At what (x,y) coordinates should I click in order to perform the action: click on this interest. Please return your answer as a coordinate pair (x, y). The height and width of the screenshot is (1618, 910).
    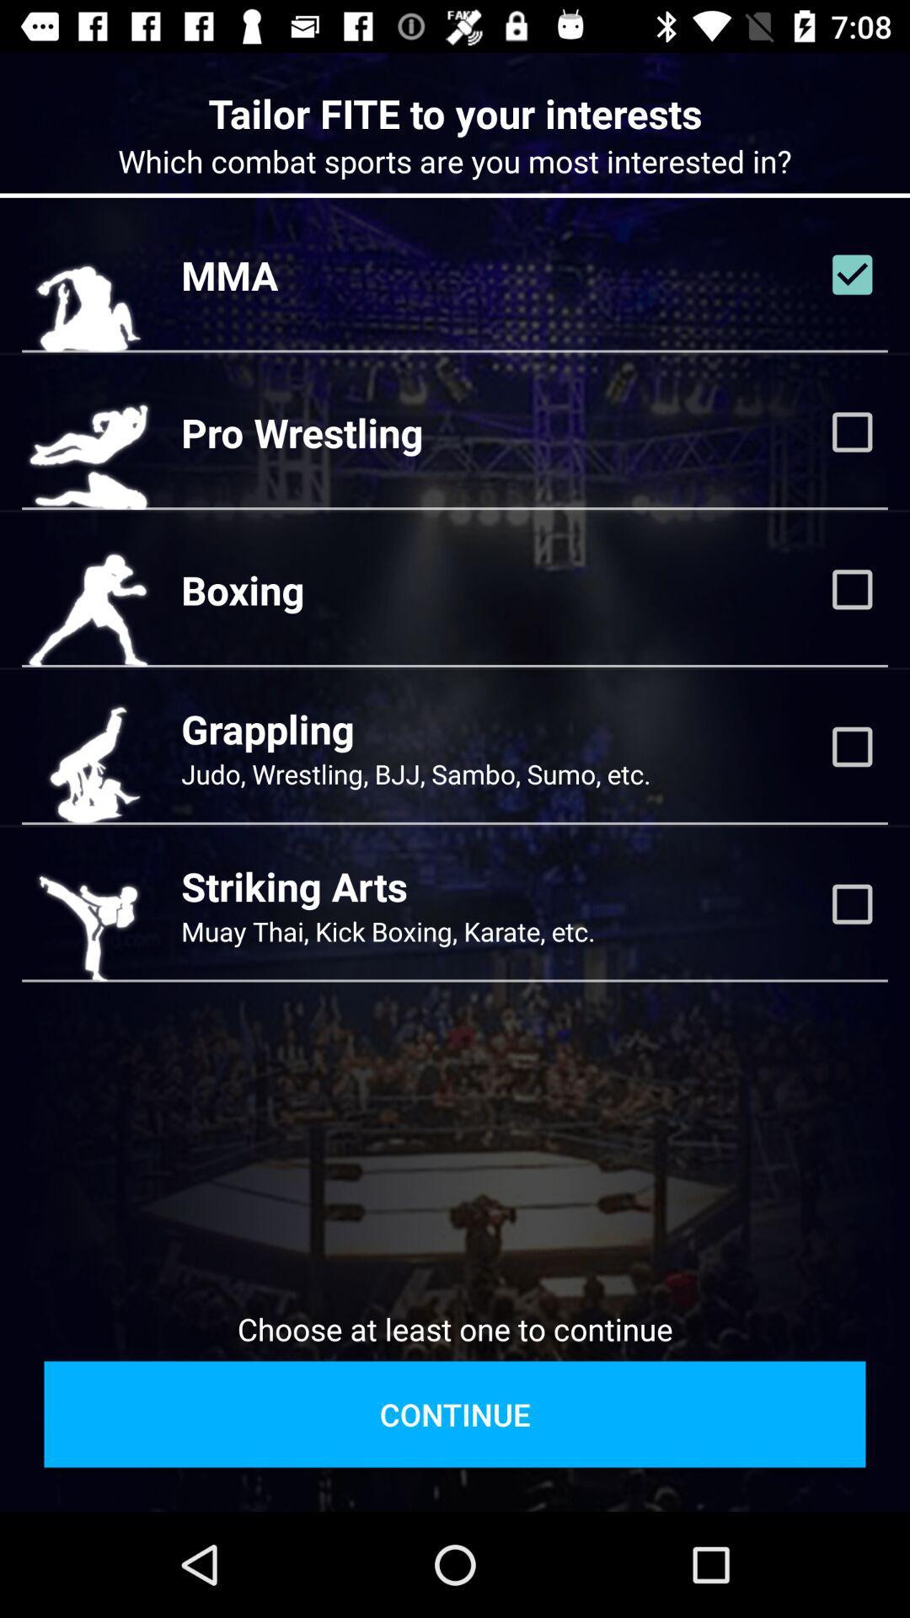
    Looking at the image, I should click on (852, 432).